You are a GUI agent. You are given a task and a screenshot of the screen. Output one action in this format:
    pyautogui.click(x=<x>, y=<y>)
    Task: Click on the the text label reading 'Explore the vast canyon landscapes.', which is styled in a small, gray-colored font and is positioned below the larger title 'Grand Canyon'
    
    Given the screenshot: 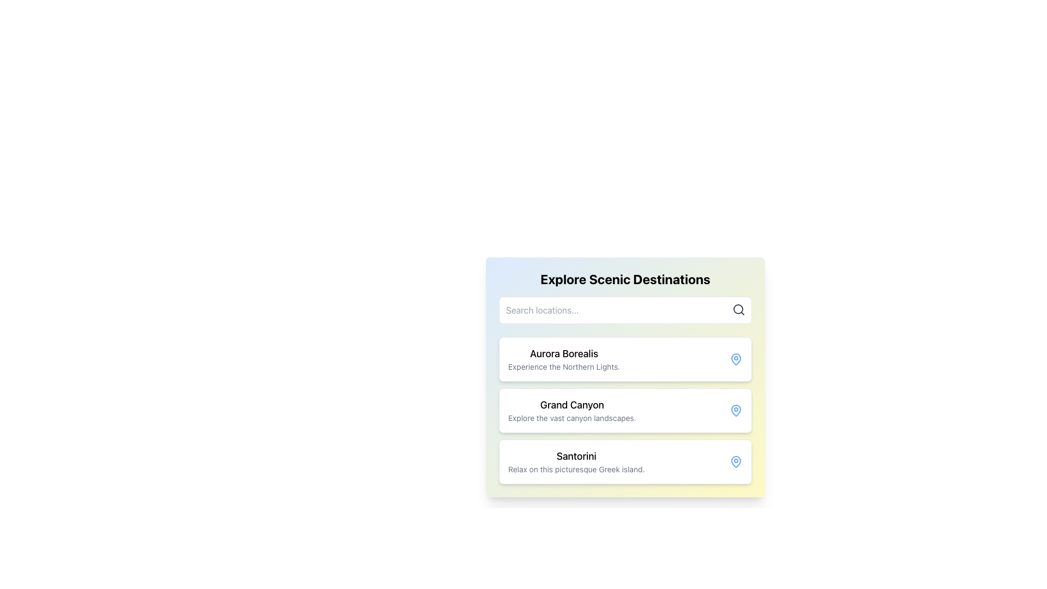 What is the action you would take?
    pyautogui.click(x=571, y=418)
    